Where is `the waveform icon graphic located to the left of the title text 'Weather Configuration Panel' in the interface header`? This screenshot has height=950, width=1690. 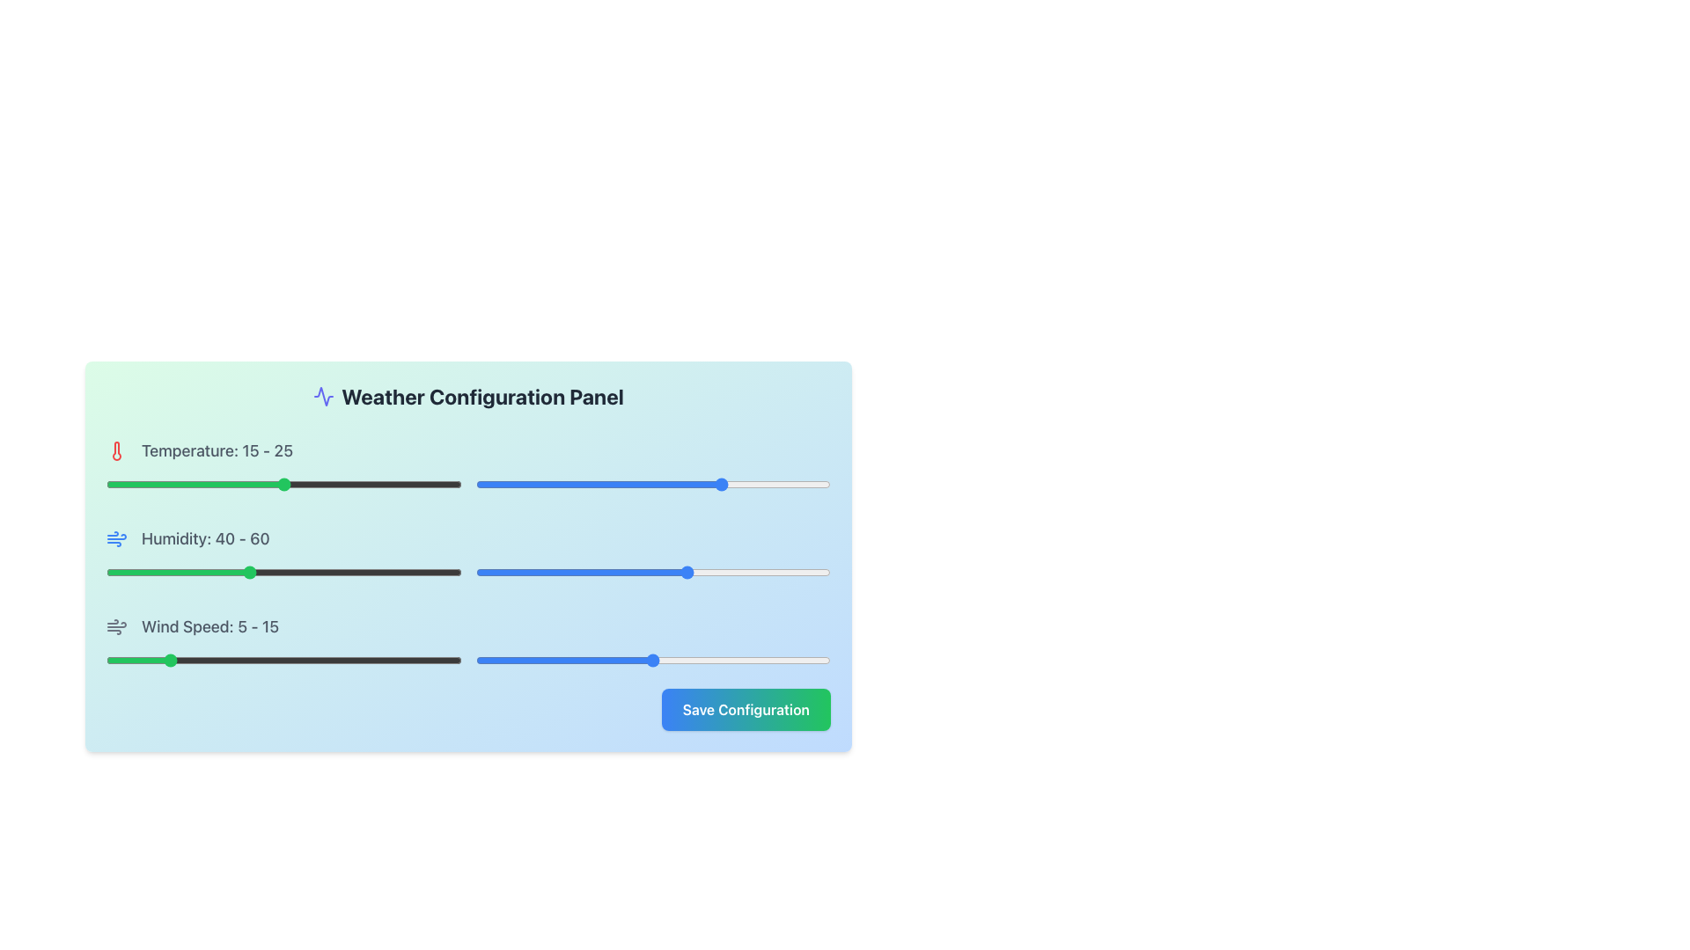
the waveform icon graphic located to the left of the title text 'Weather Configuration Panel' in the interface header is located at coordinates (324, 397).